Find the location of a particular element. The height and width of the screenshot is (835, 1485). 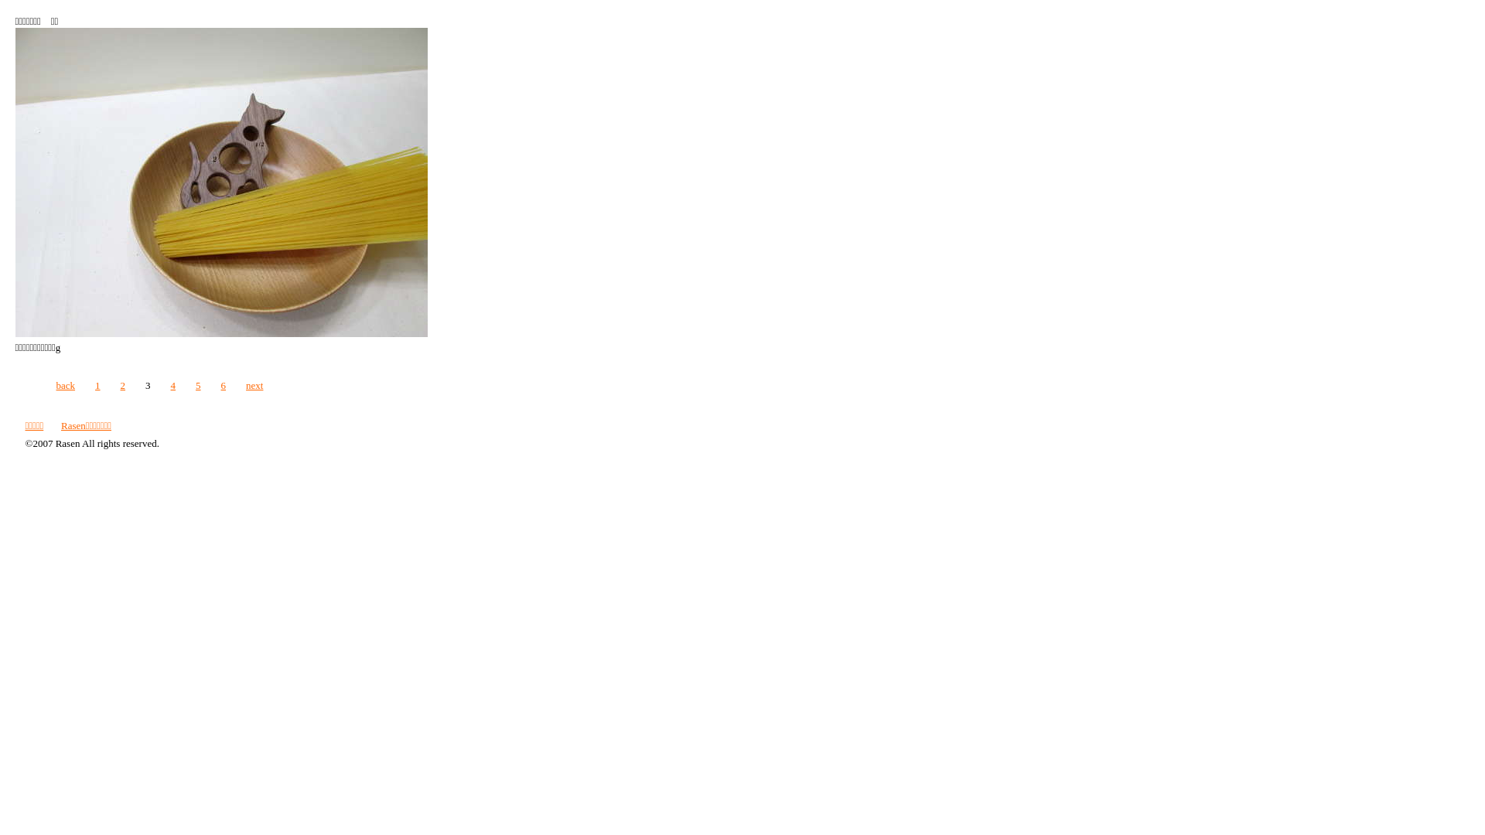

'2' is located at coordinates (120, 383).